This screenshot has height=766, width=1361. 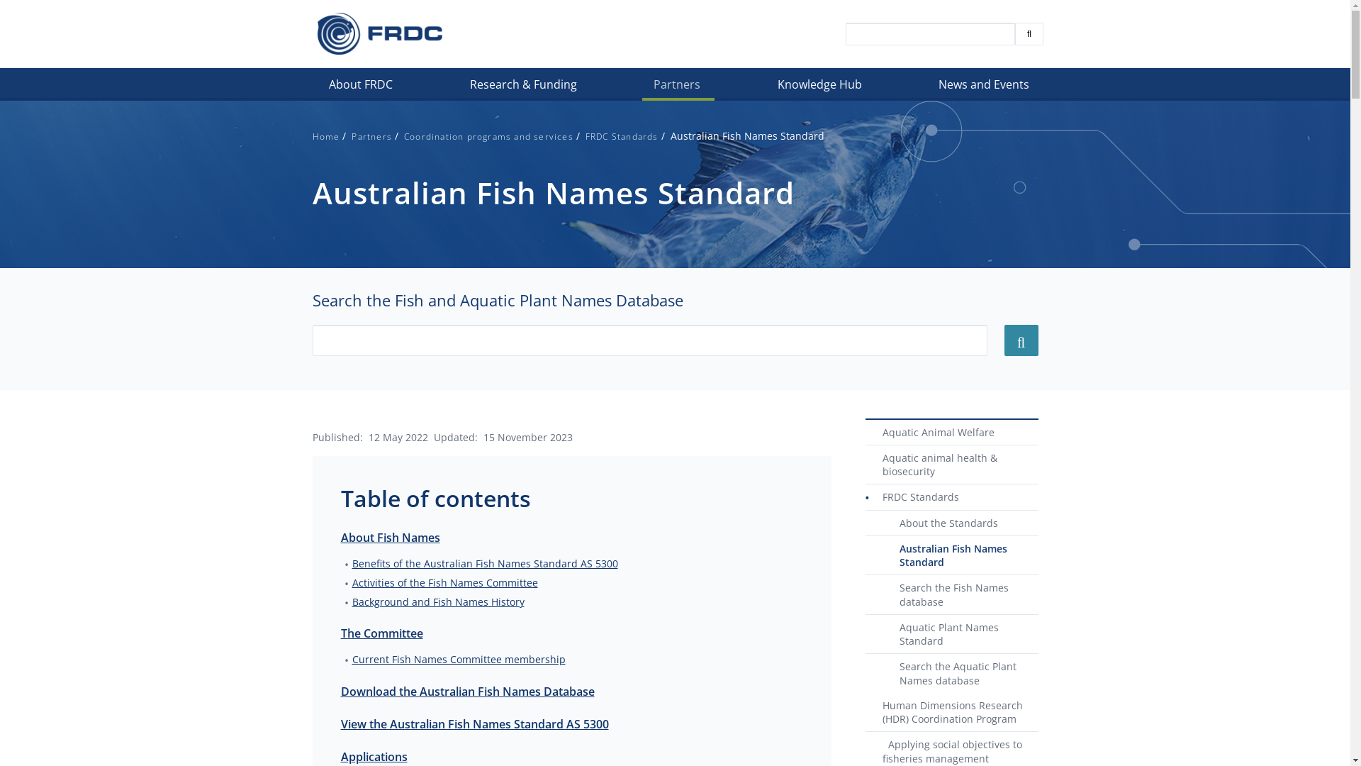 What do you see at coordinates (951, 713) in the screenshot?
I see `'Human Dimensions Research (HDR) Coordination Program'` at bounding box center [951, 713].